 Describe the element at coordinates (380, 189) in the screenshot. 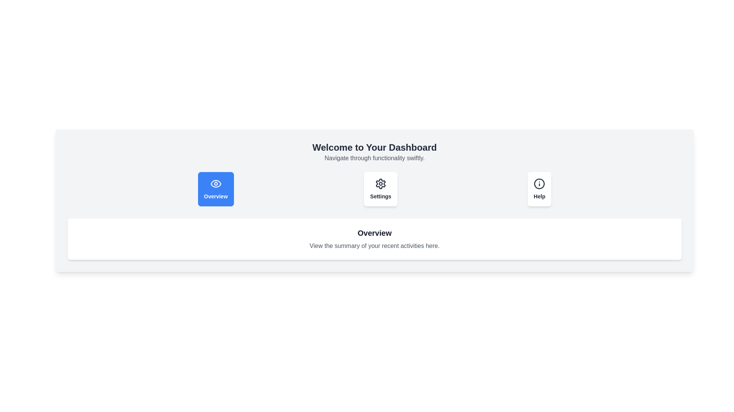

I see `the 'Settings' button, which is the second button in a horizontal alignment of three buttons located between 'Overview' and 'Help'` at that location.